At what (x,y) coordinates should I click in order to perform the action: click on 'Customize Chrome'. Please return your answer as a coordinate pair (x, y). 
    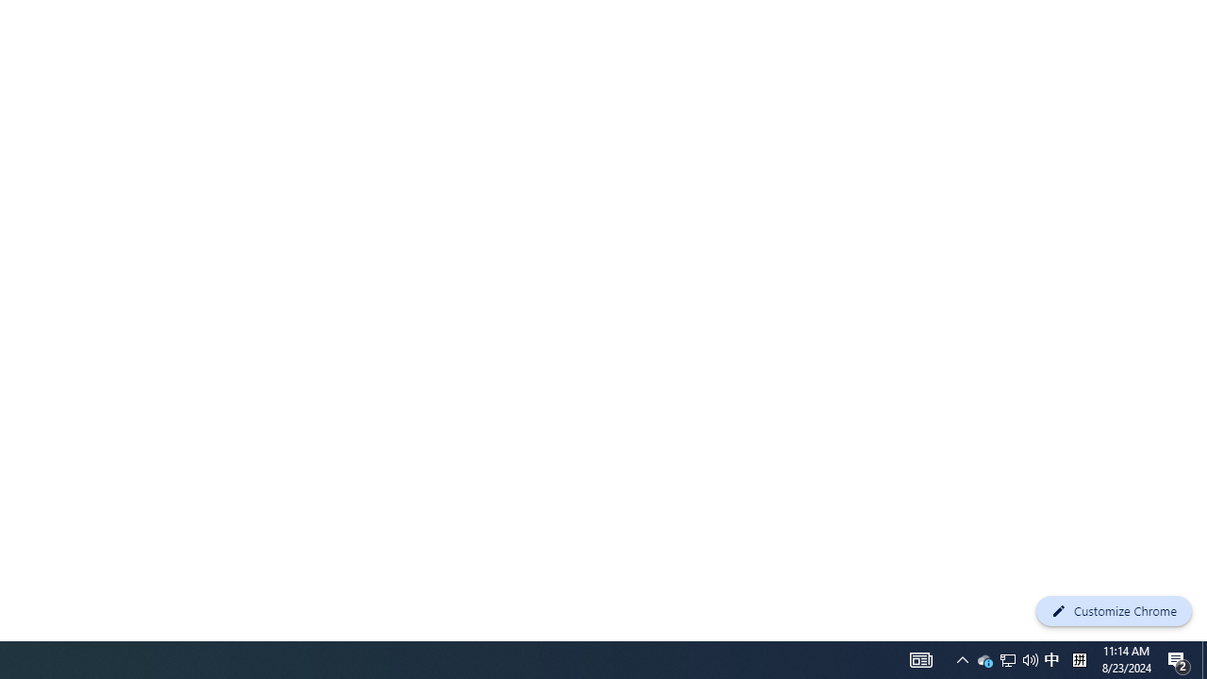
    Looking at the image, I should click on (1114, 611).